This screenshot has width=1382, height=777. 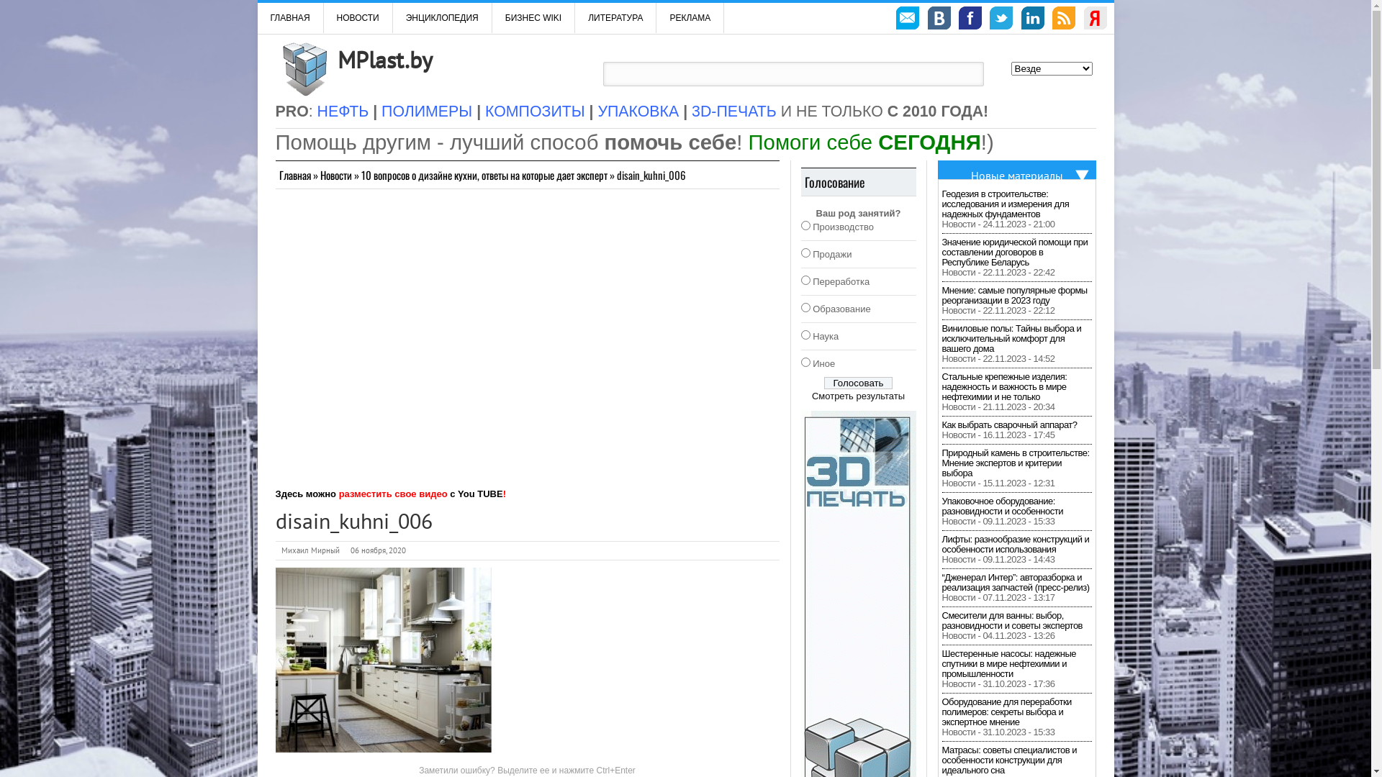 I want to click on 'MPlast.by', so click(x=384, y=59).